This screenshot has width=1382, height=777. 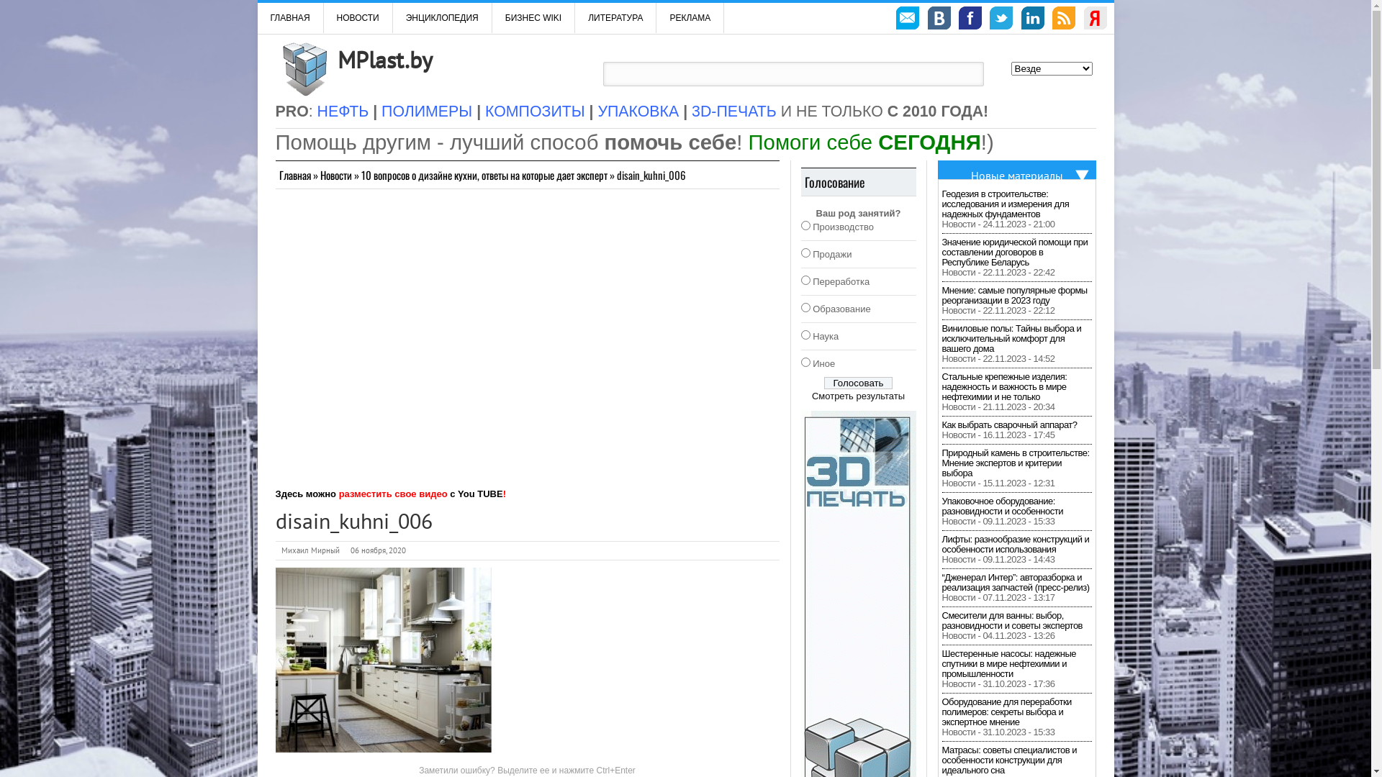 I want to click on 'MPlast.by', so click(x=384, y=59).